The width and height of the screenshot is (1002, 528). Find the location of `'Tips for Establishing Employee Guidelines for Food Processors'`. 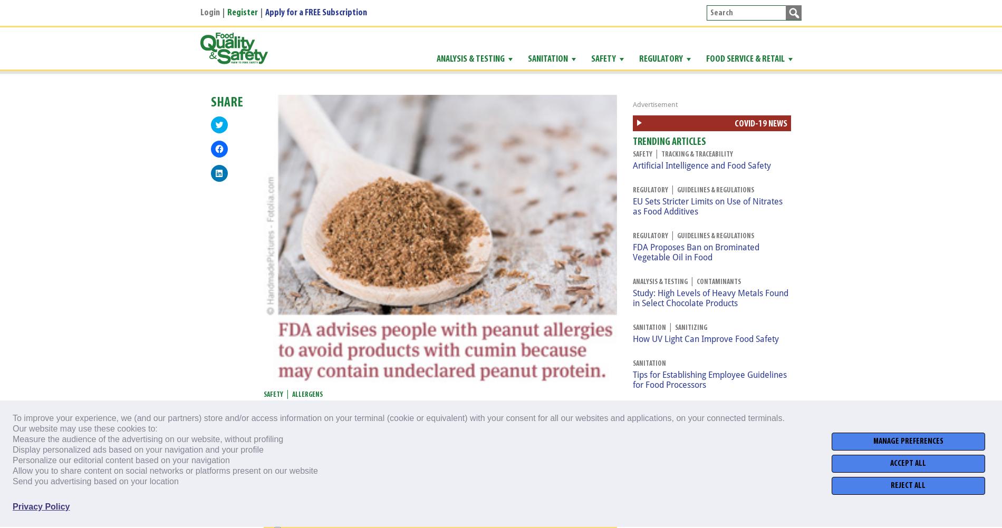

'Tips for Establishing Employee Guidelines for Food Processors' is located at coordinates (709, 379).